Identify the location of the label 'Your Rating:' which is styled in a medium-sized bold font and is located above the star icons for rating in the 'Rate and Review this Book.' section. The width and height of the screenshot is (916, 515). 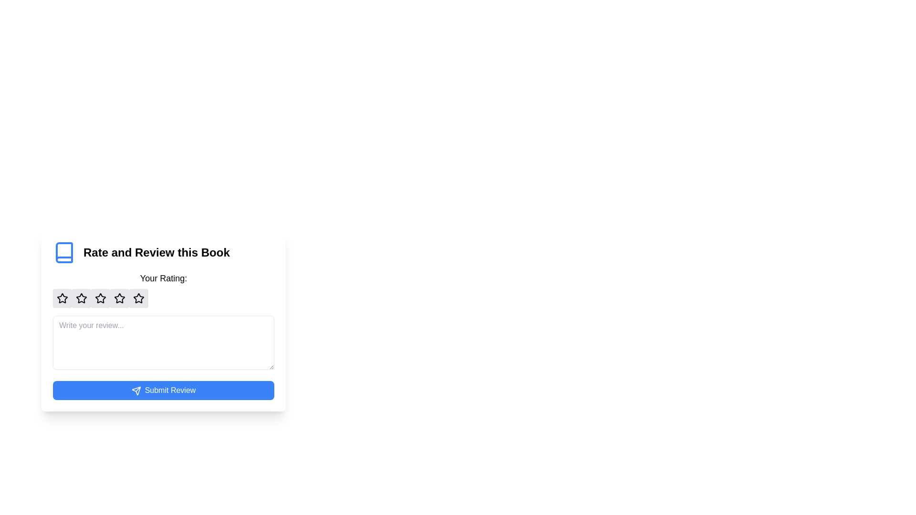
(163, 278).